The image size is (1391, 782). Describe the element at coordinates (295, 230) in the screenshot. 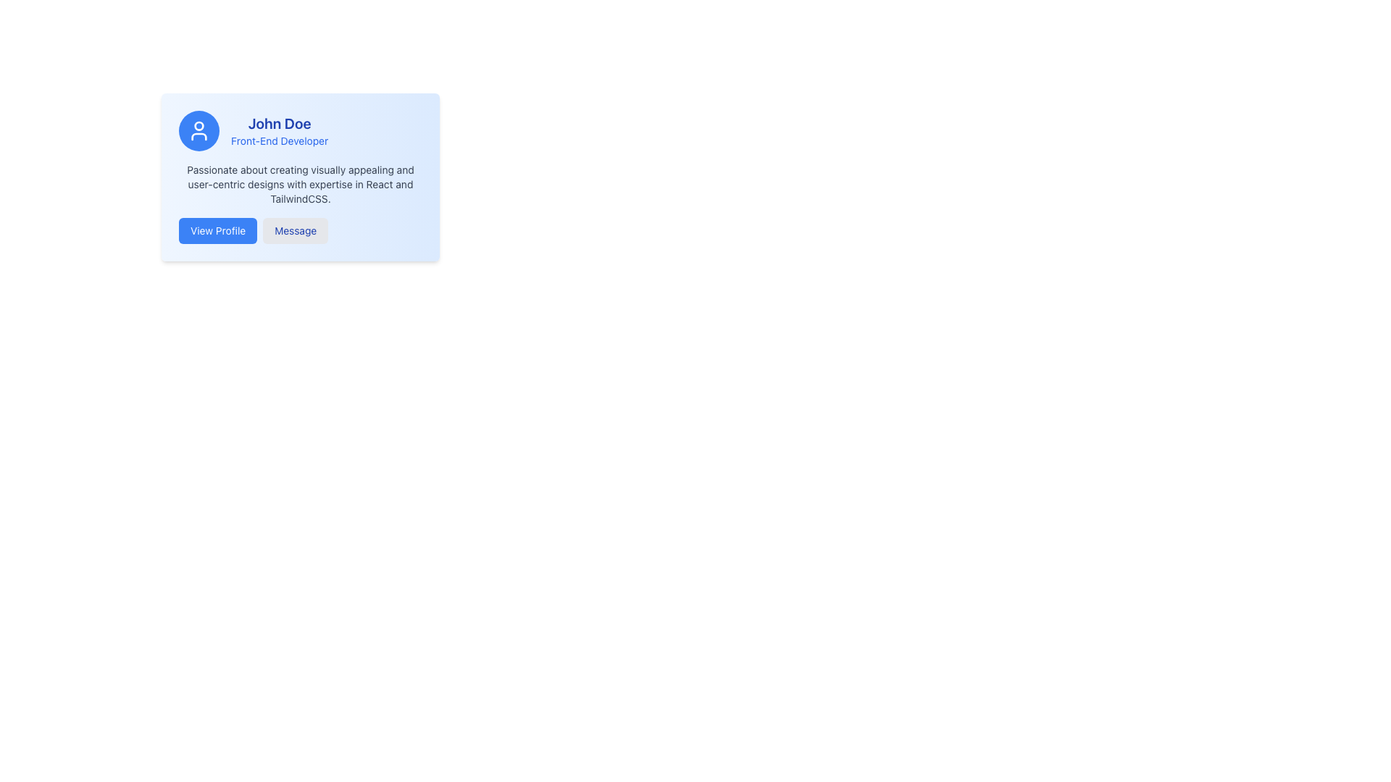

I see `the 'Message' button, which is the second button in a row located at the bottom of the profile card` at that location.